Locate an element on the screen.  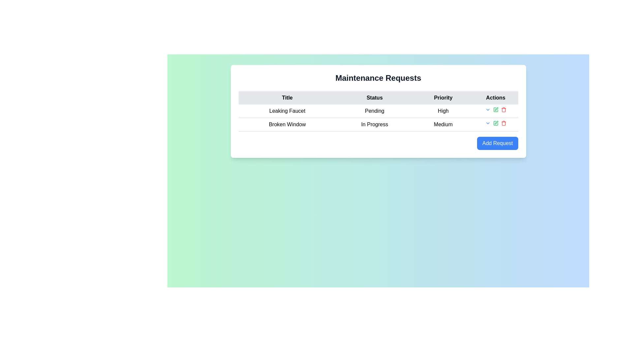
the 'Medium' priority label for the 'Broken Window' maintenance task located in the second row of the table under the 'Priority' column is located at coordinates (443, 125).